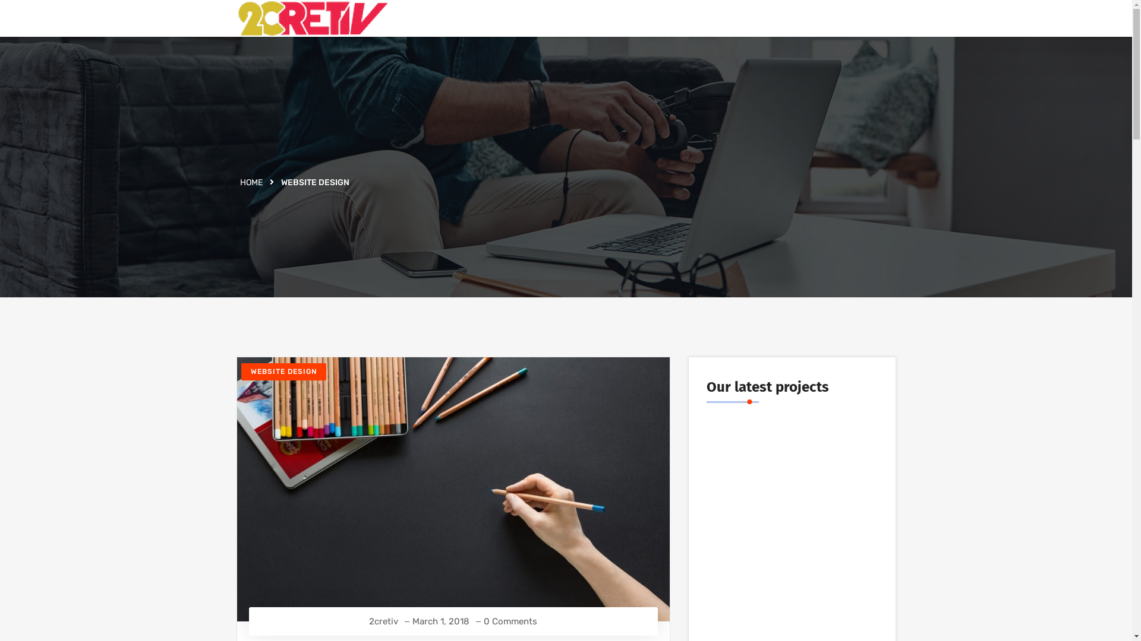 The height and width of the screenshot is (641, 1141). I want to click on 'HOME', so click(239, 182).